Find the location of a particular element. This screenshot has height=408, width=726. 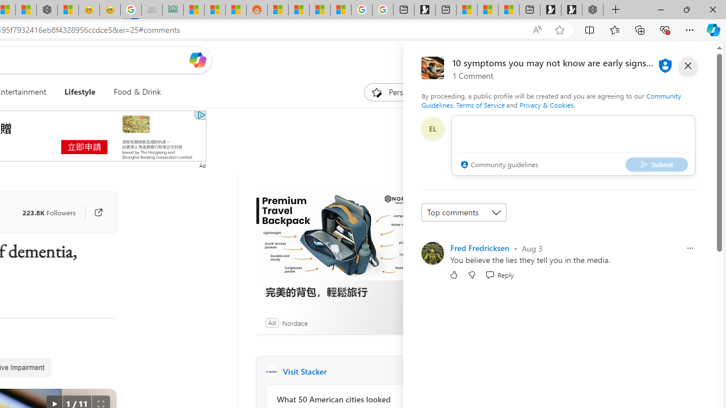

'Microsoft Start Gaming' is located at coordinates (424, 10).